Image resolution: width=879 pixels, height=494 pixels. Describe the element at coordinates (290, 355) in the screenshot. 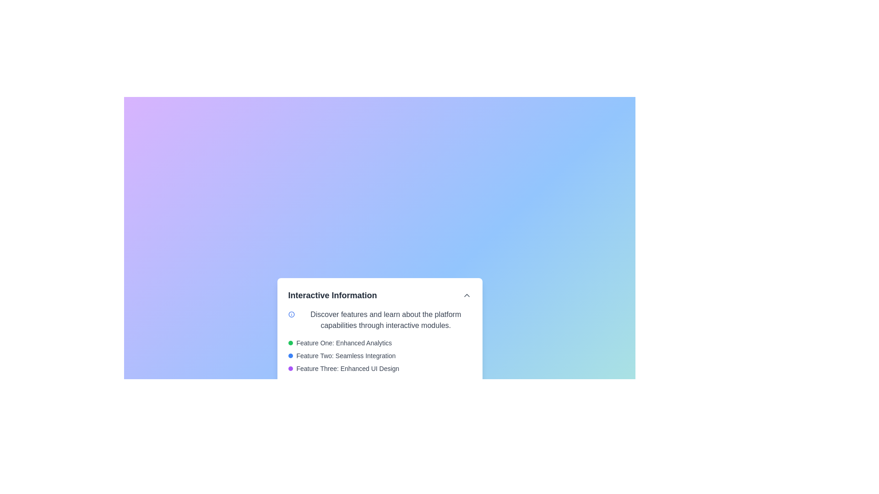

I see `the small, blue, round bullet point indicator located to the left of the text 'Feature Two: Seamless Integration.'` at that location.